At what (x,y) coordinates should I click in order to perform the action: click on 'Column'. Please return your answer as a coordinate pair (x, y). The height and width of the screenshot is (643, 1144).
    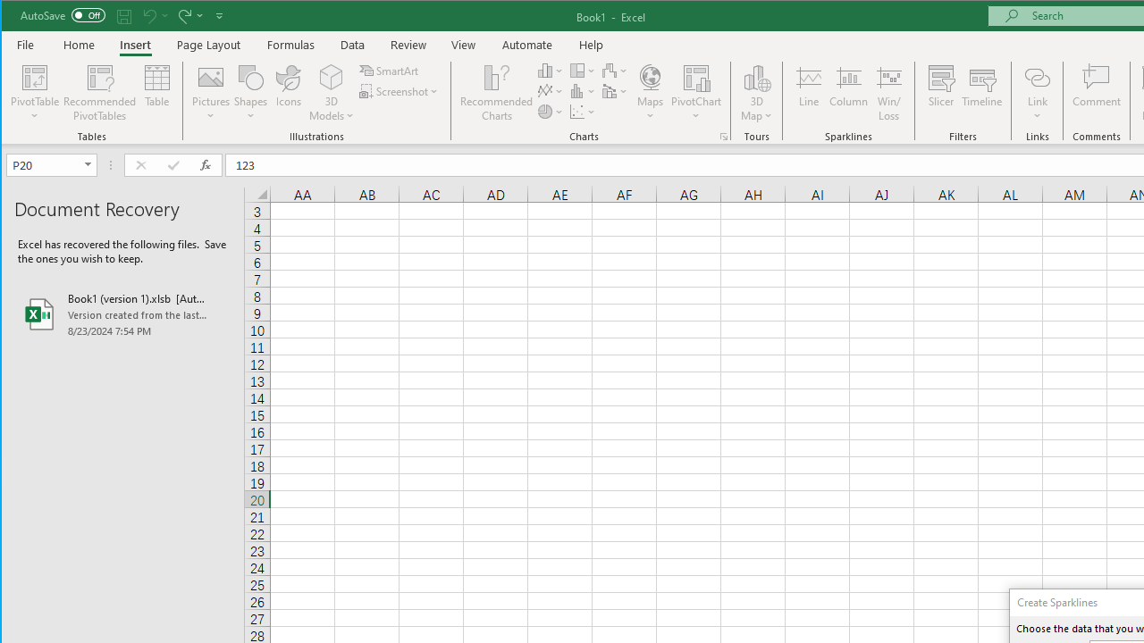
    Looking at the image, I should click on (847, 93).